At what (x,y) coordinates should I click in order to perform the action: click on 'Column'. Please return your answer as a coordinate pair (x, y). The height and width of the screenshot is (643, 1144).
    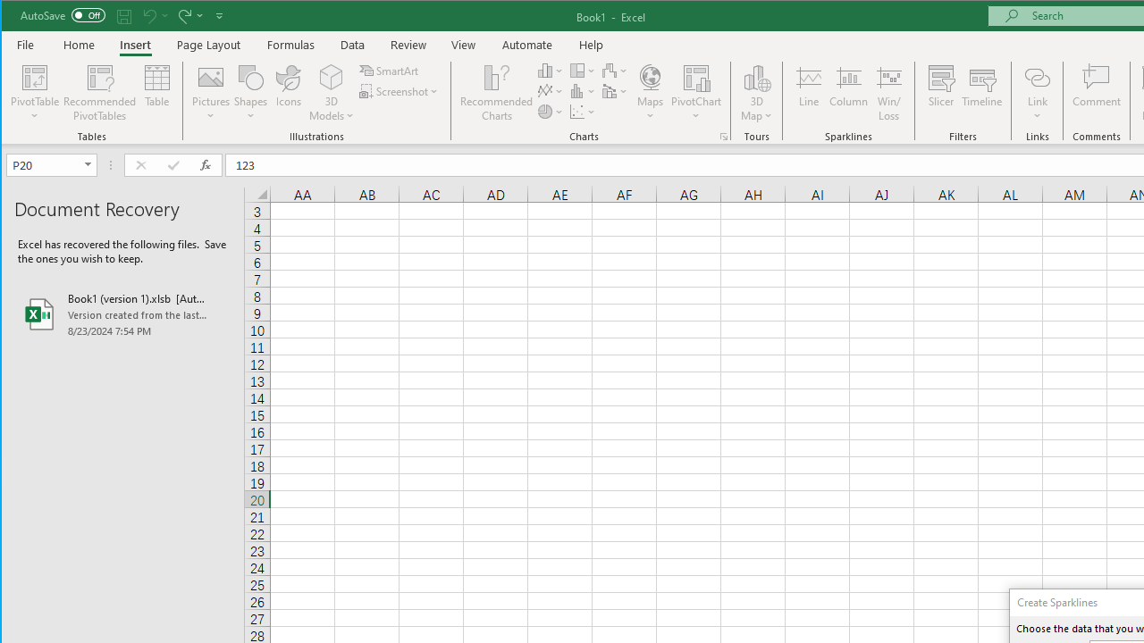
    Looking at the image, I should click on (847, 93).